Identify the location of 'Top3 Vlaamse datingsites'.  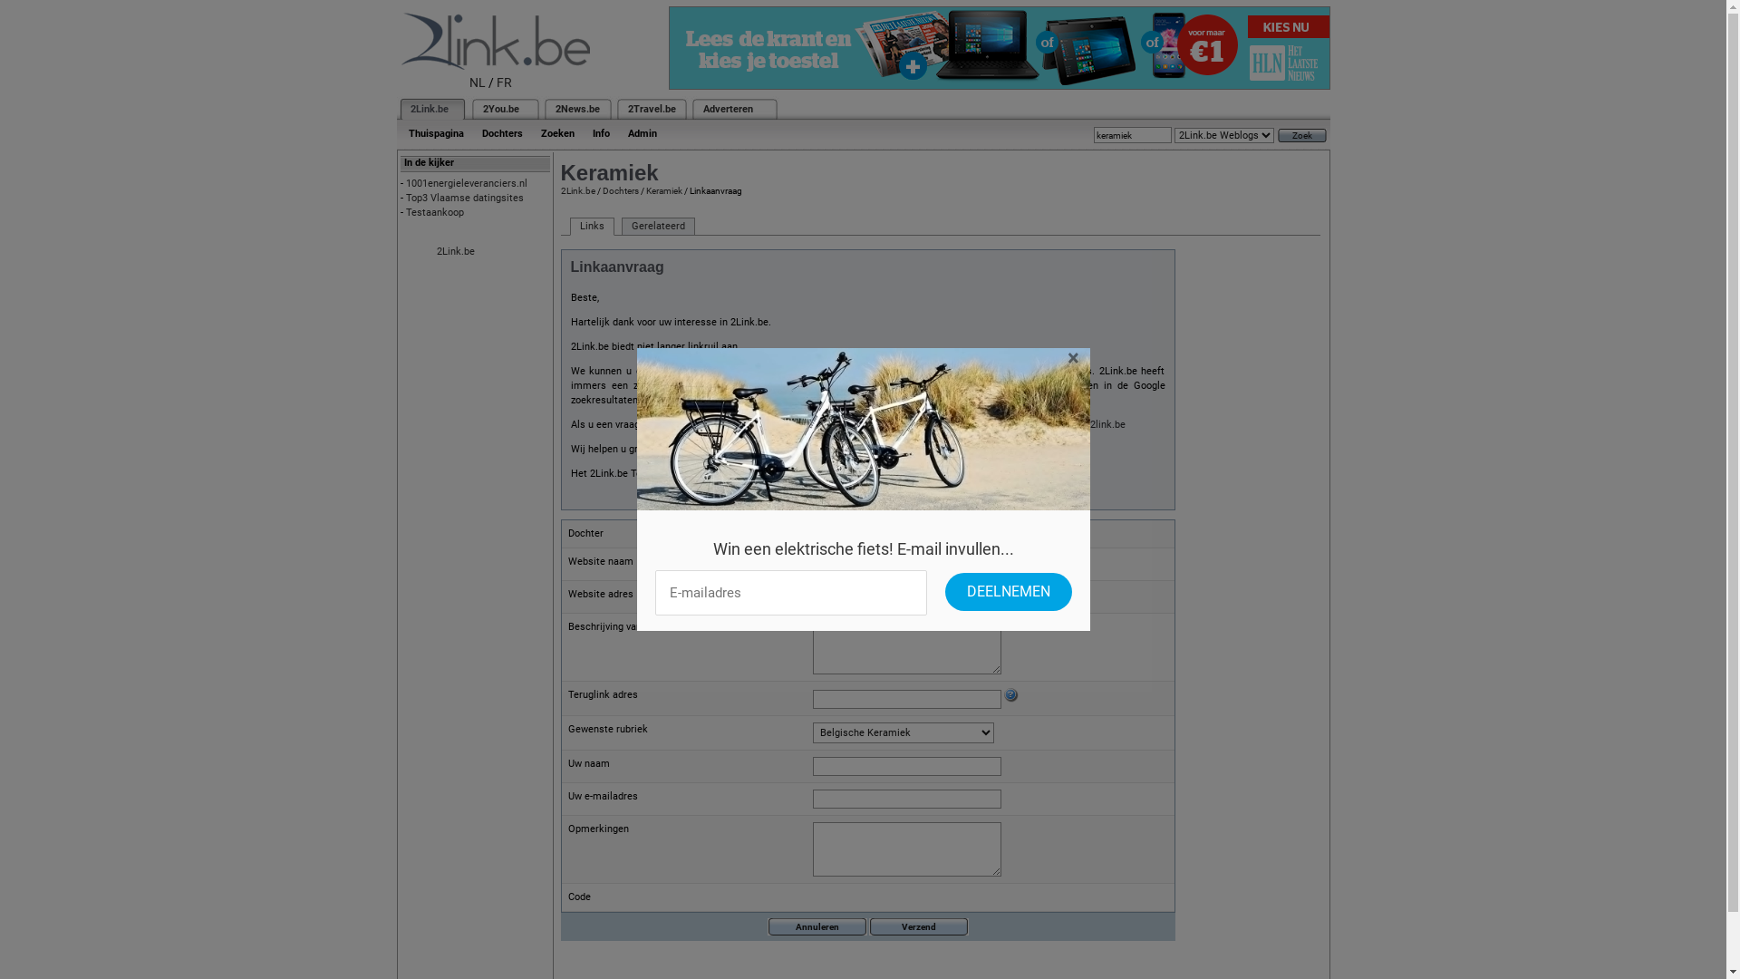
(465, 198).